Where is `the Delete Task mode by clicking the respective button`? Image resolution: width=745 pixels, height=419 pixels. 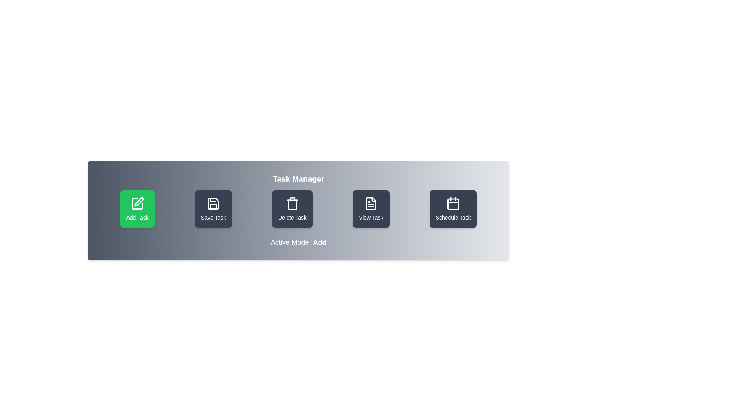
the Delete Task mode by clicking the respective button is located at coordinates (292, 209).